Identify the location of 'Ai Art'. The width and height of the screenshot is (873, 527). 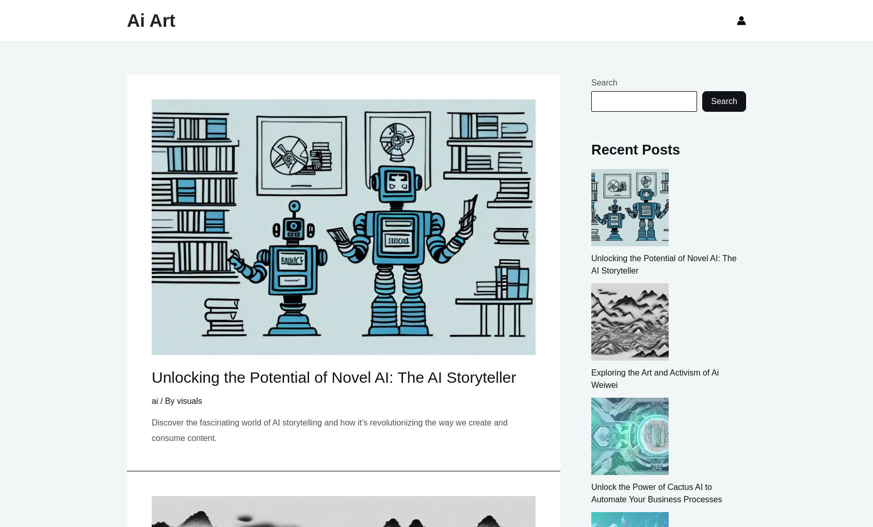
(150, 20).